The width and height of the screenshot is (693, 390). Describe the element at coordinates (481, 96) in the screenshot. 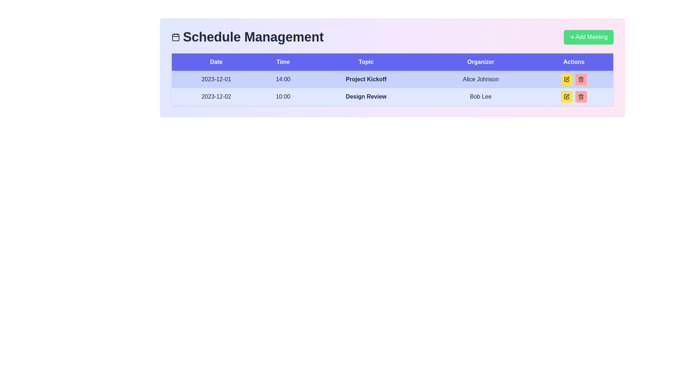

I see `the text label indicating the organizer's name for the event` at that location.